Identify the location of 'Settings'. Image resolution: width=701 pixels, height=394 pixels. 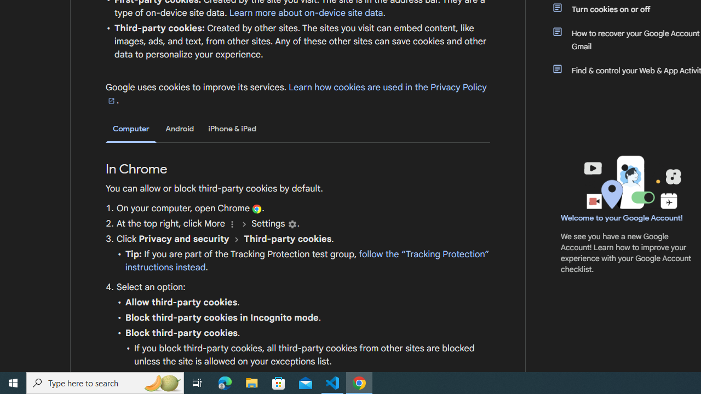
(292, 223).